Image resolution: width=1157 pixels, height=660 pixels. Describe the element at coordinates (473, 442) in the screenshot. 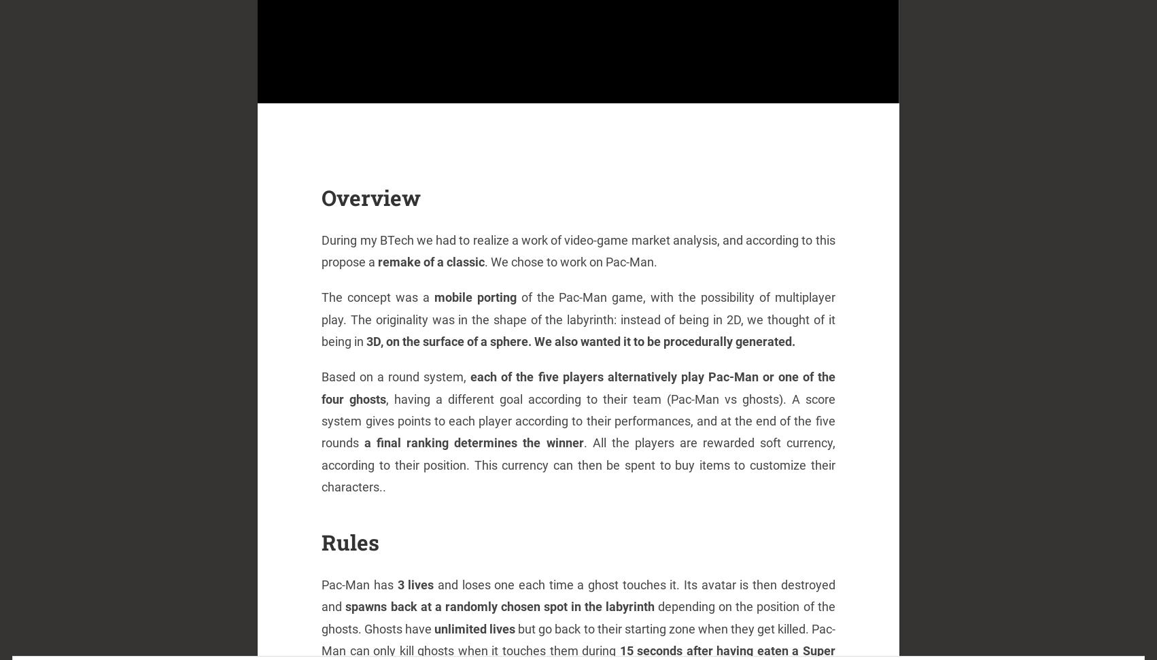

I see `'a final ranking determines the winner'` at that location.